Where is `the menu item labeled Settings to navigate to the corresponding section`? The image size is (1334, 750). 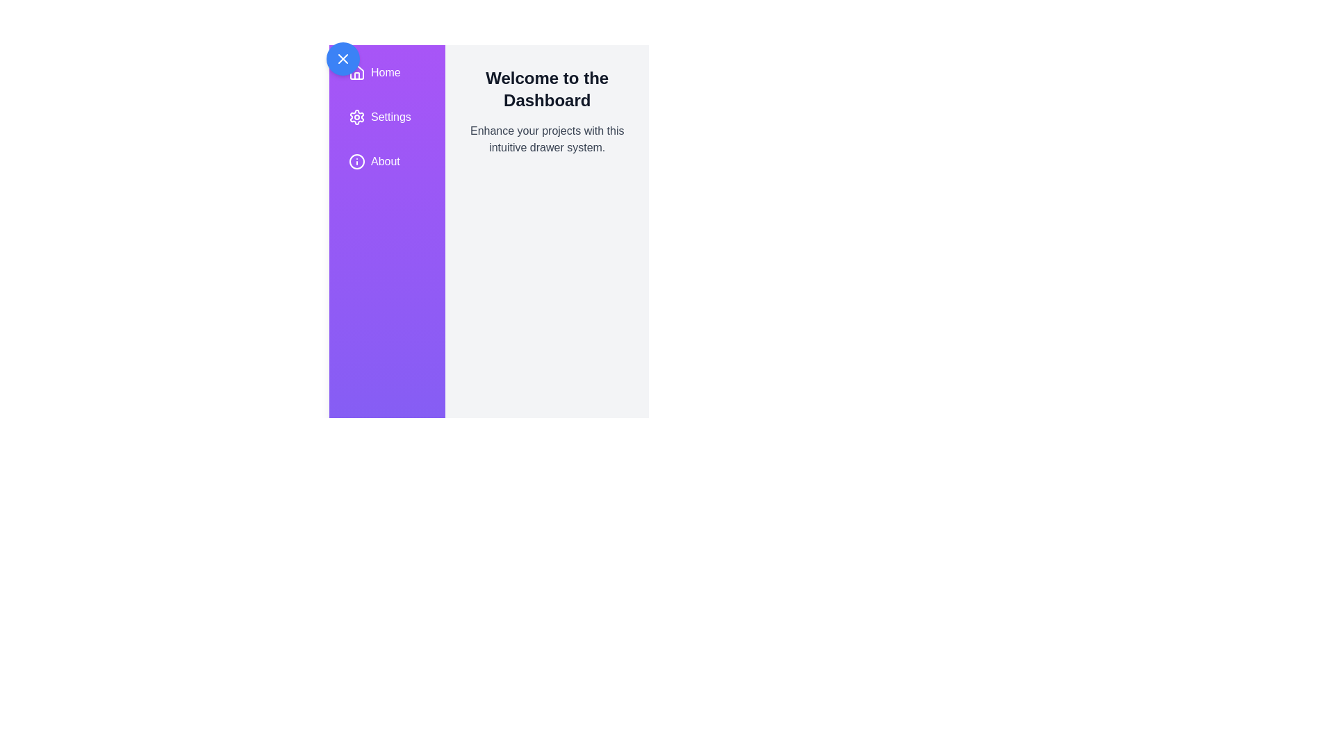
the menu item labeled Settings to navigate to the corresponding section is located at coordinates (386, 117).